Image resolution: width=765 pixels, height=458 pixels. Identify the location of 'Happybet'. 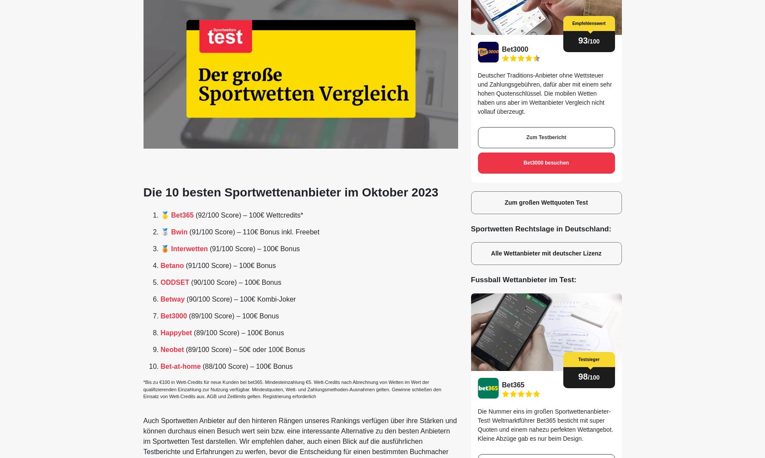
(160, 332).